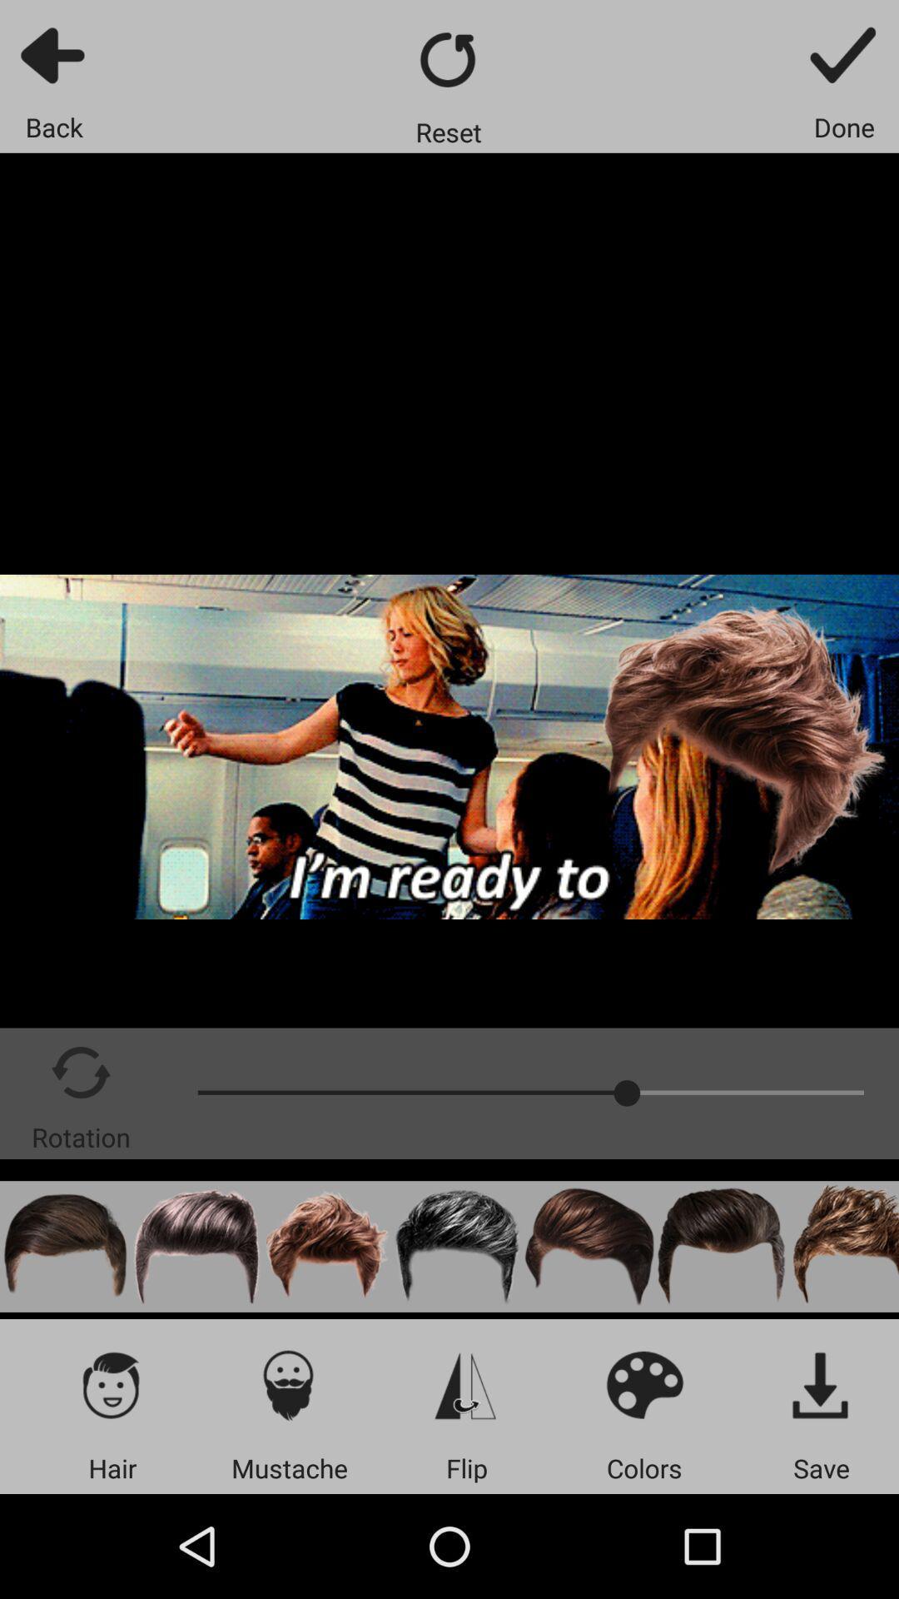  Describe the element at coordinates (459, 1247) in the screenshot. I see `hairstyle` at that location.